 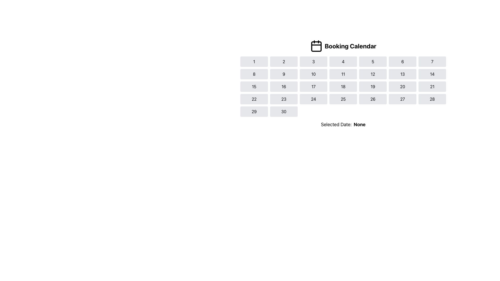 What do you see at coordinates (254, 99) in the screenshot?
I see `keyboard navigation` at bounding box center [254, 99].